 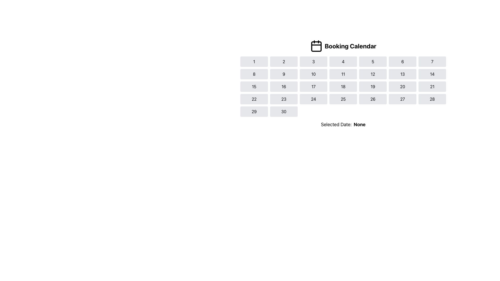 What do you see at coordinates (254, 99) in the screenshot?
I see `keyboard navigation` at bounding box center [254, 99].